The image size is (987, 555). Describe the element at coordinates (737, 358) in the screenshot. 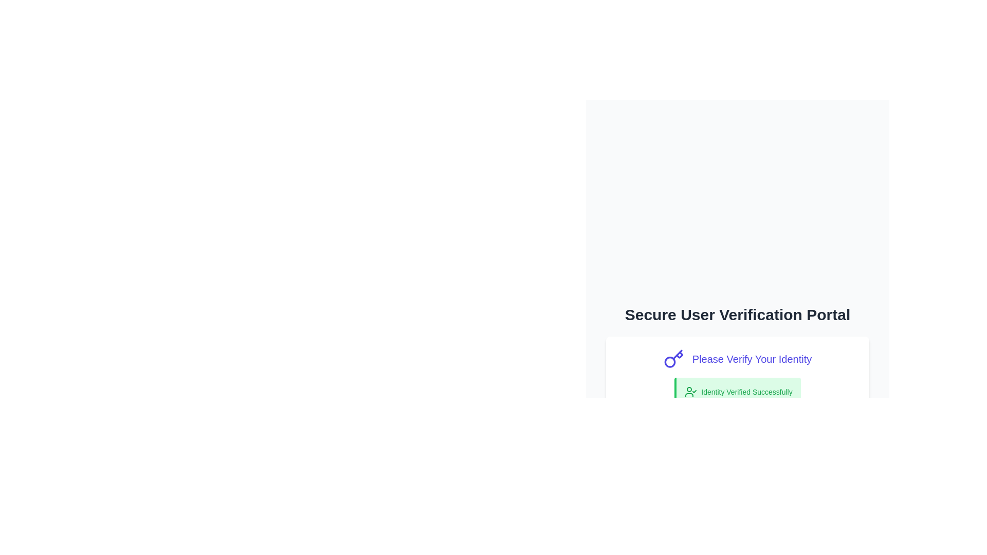

I see `text displayed in the Text block located at the top of the rectangular card-shaped section, which instructs the user to verify their identity` at that location.